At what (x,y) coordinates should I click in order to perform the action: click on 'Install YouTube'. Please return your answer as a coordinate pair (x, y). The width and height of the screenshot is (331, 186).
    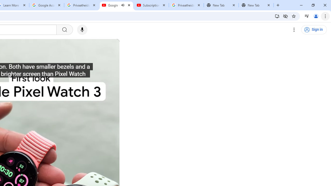
    Looking at the image, I should click on (277, 16).